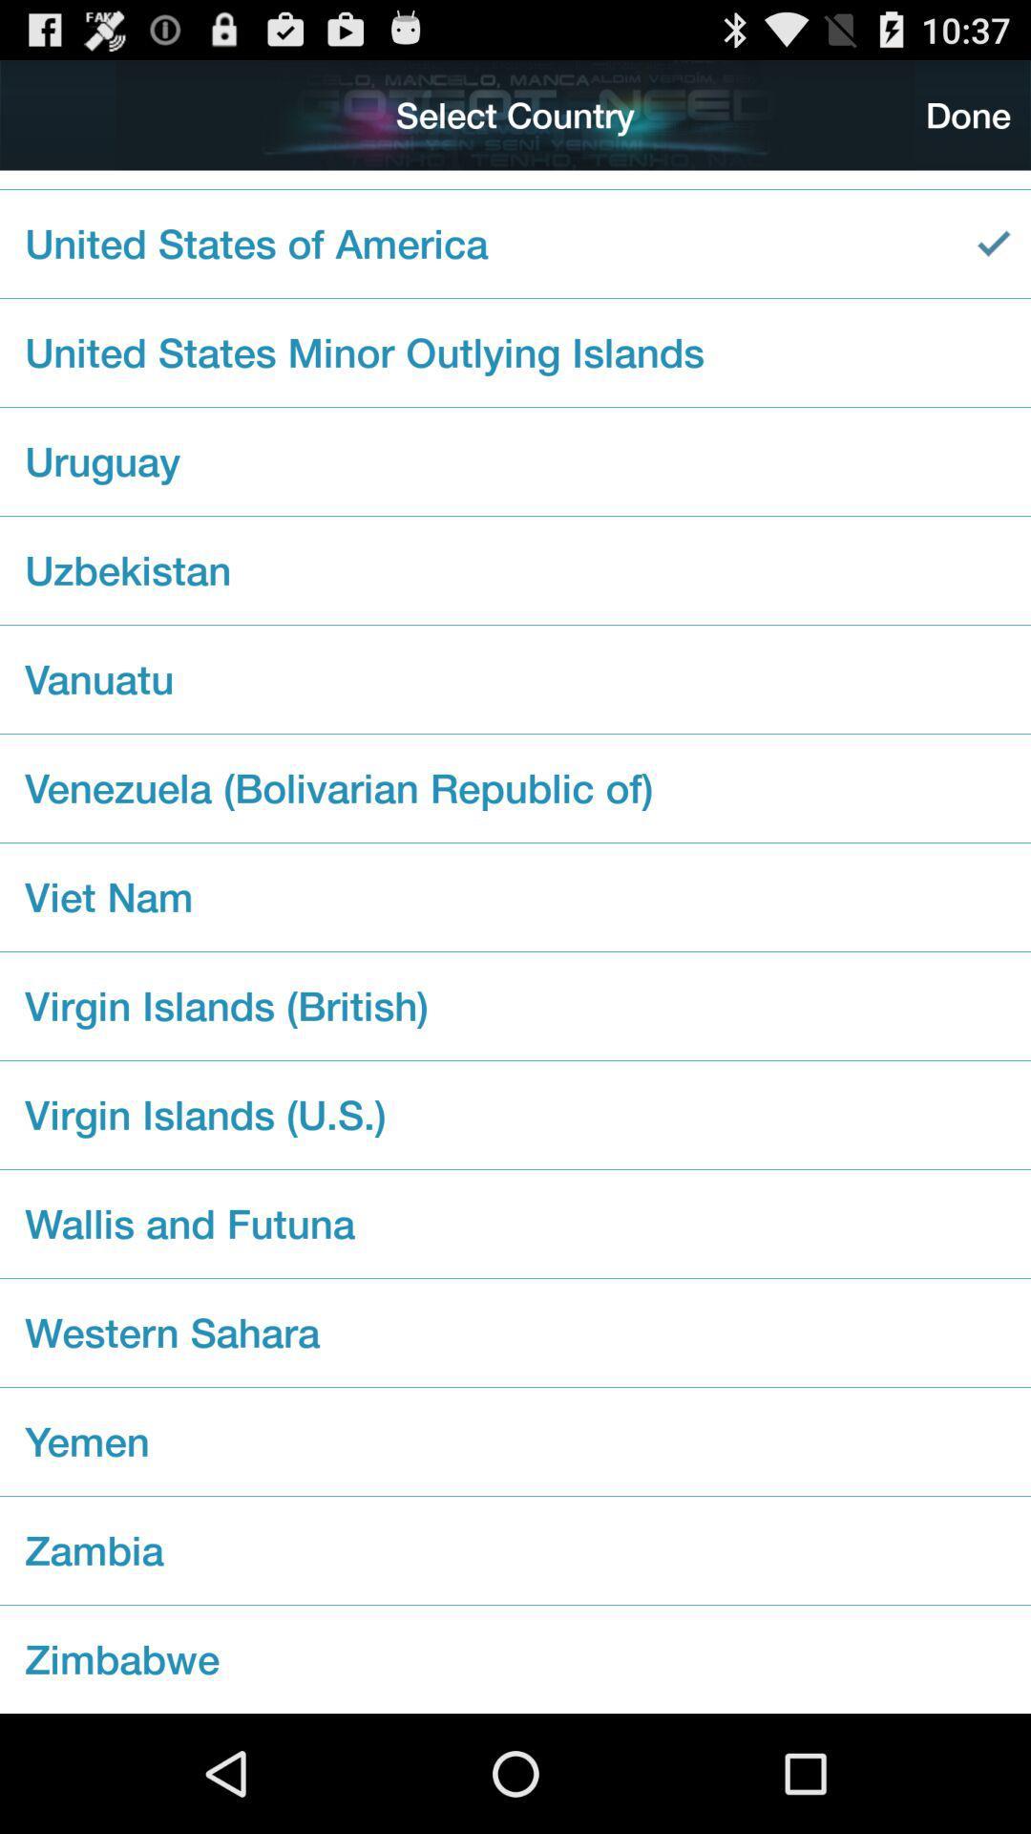  Describe the element at coordinates (515, 1441) in the screenshot. I see `the checkbox below western sahara icon` at that location.